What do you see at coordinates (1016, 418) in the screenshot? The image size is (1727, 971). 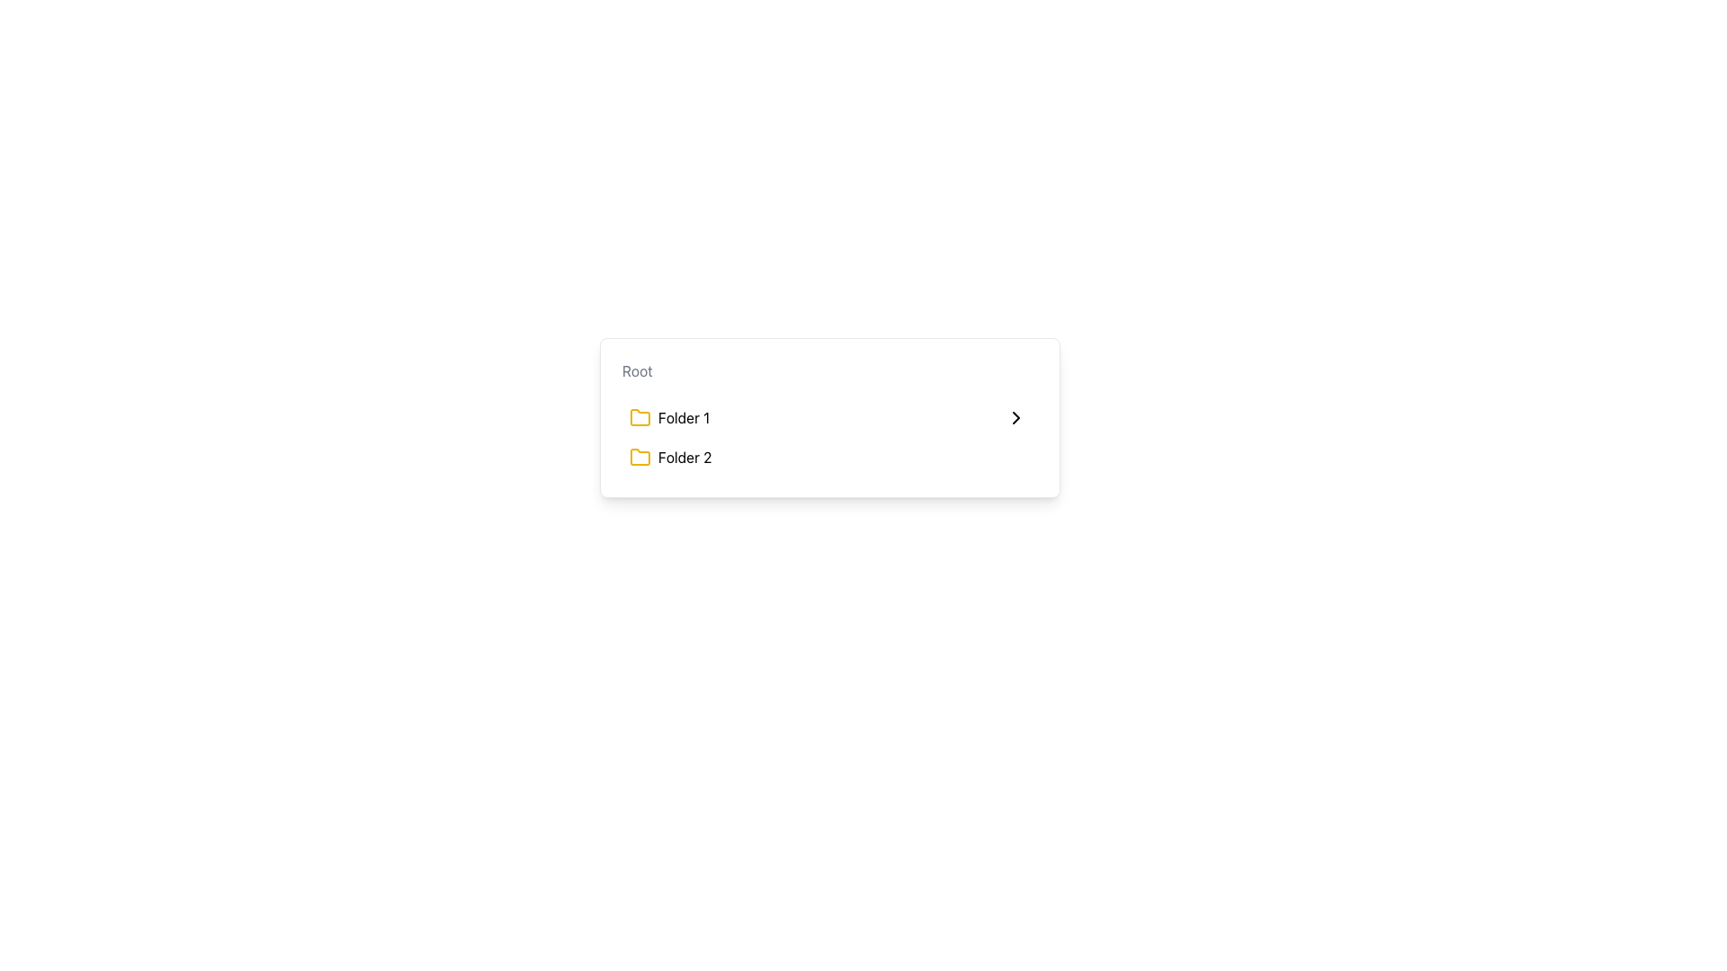 I see `the right-pointing chevron icon` at bounding box center [1016, 418].